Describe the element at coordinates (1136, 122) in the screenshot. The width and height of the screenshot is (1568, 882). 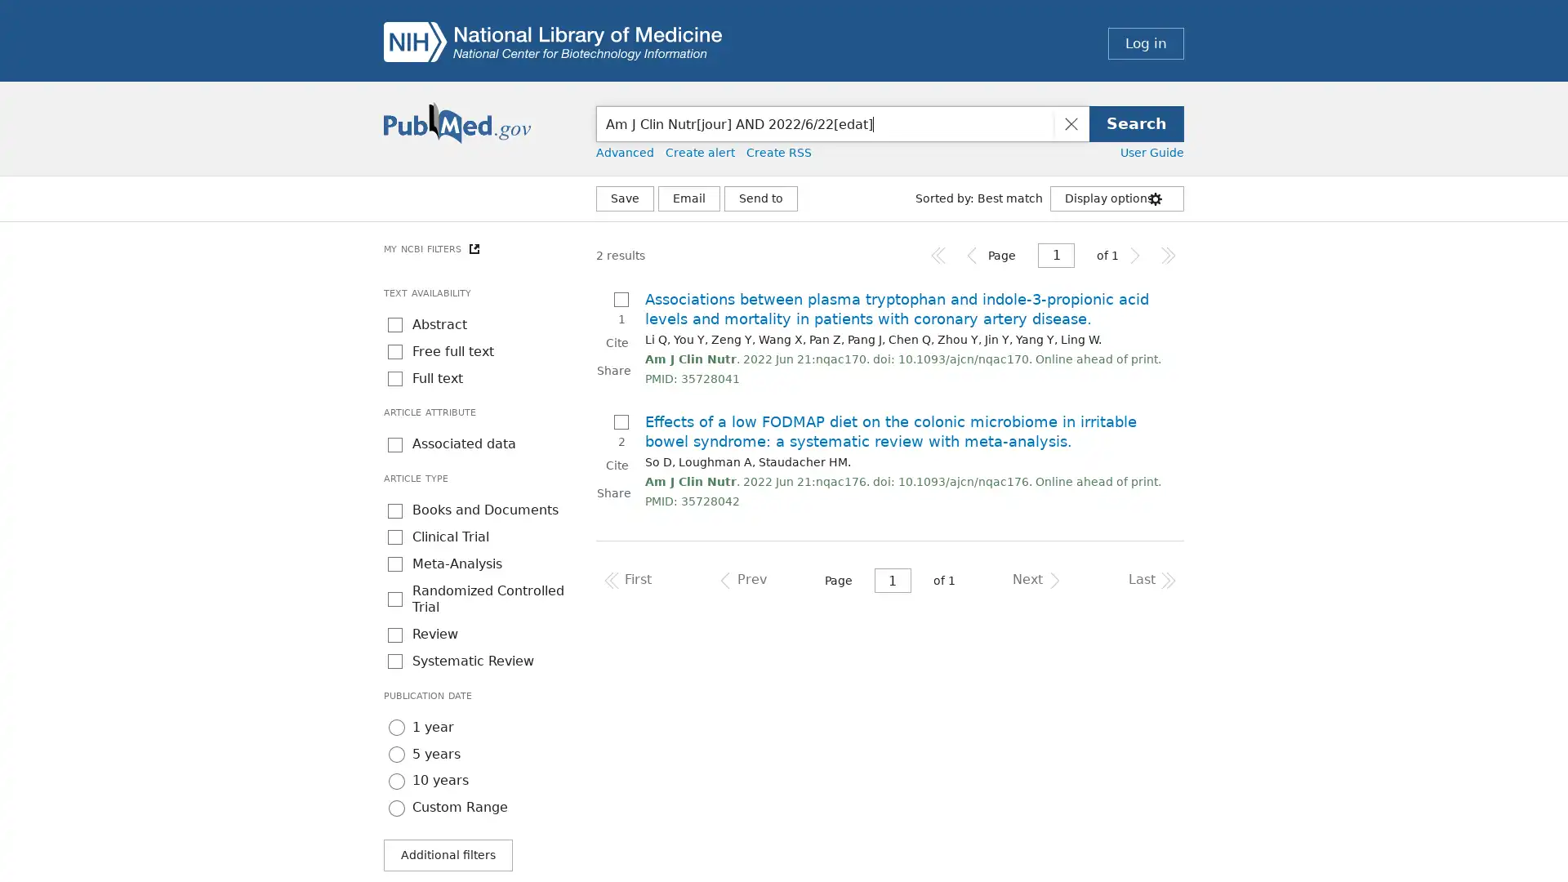
I see `Search` at that location.